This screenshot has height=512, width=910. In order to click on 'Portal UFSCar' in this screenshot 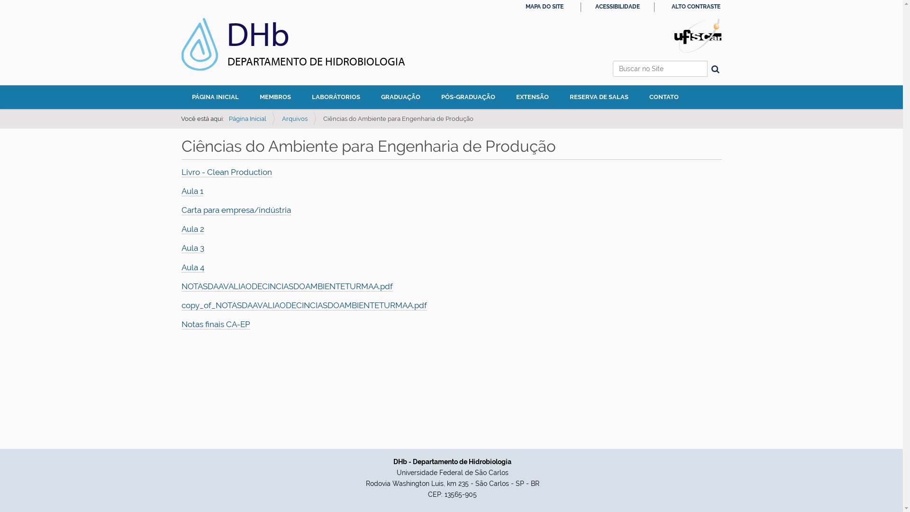, I will do `click(698, 34)`.